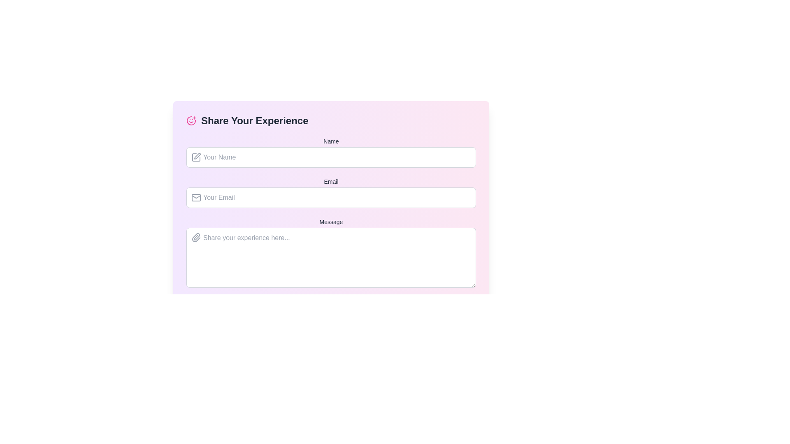  Describe the element at coordinates (195, 198) in the screenshot. I see `the email icon designed as a light gray envelope outline, located to the left within the email input field` at that location.